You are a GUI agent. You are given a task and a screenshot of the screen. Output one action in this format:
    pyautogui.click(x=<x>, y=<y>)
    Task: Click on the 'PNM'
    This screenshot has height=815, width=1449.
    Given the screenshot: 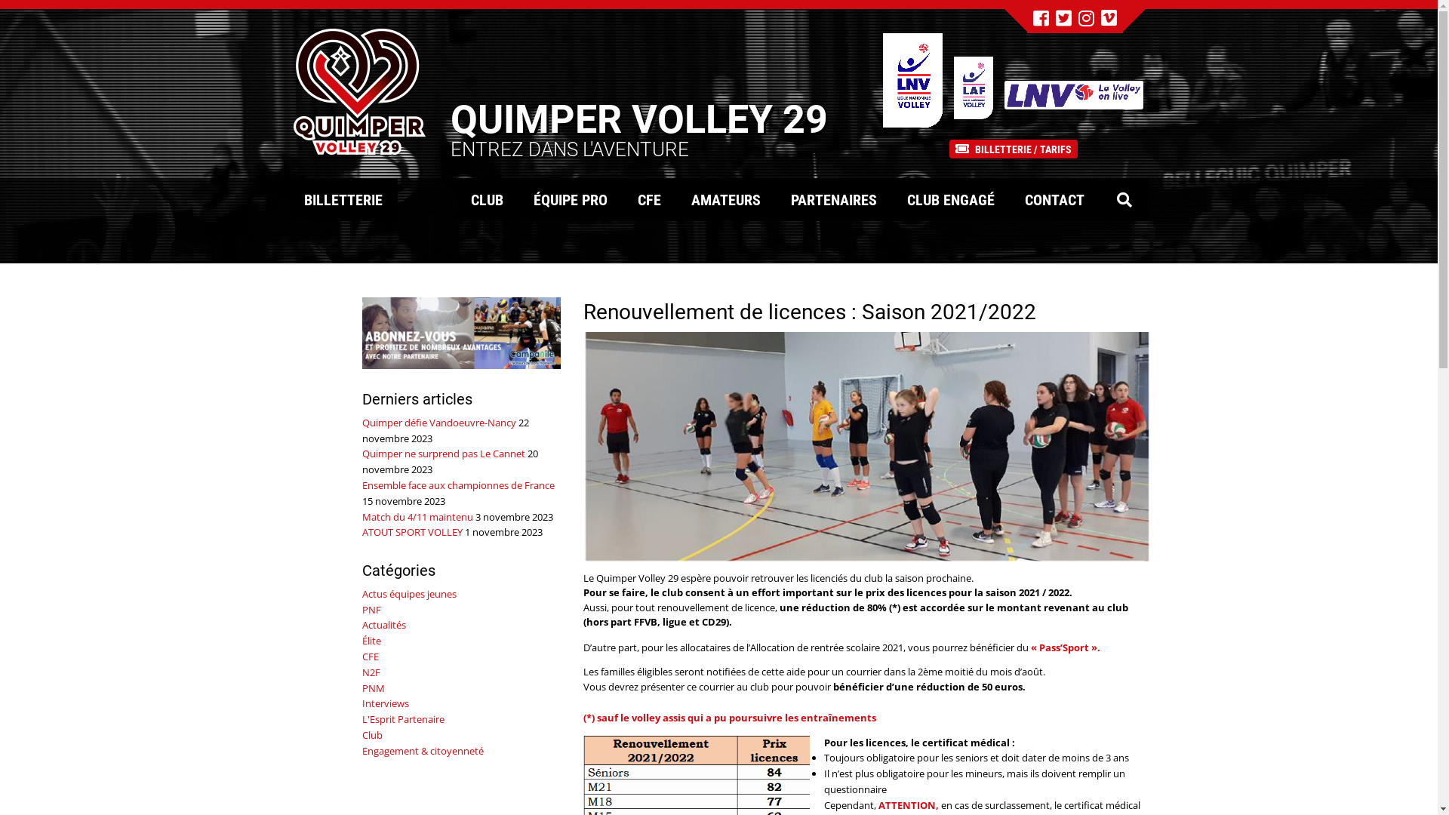 What is the action you would take?
    pyautogui.click(x=373, y=687)
    